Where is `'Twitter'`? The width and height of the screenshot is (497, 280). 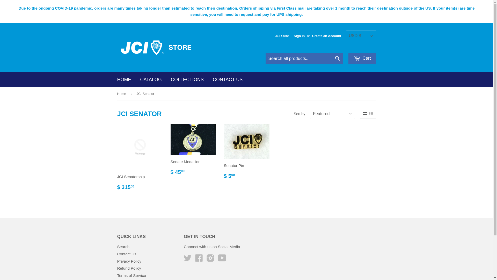
'Twitter' is located at coordinates (187, 260).